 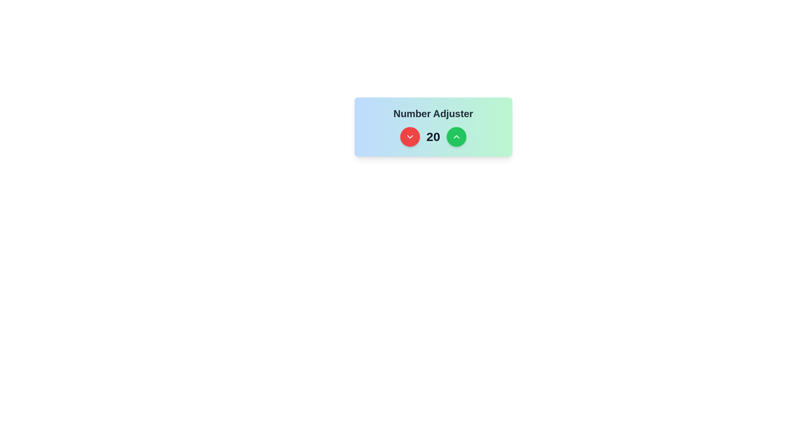 I want to click on the upward-pointing arrow button, which is a green circular button with a white arrow, located in the 'Number Adjuster' section, so click(x=456, y=136).